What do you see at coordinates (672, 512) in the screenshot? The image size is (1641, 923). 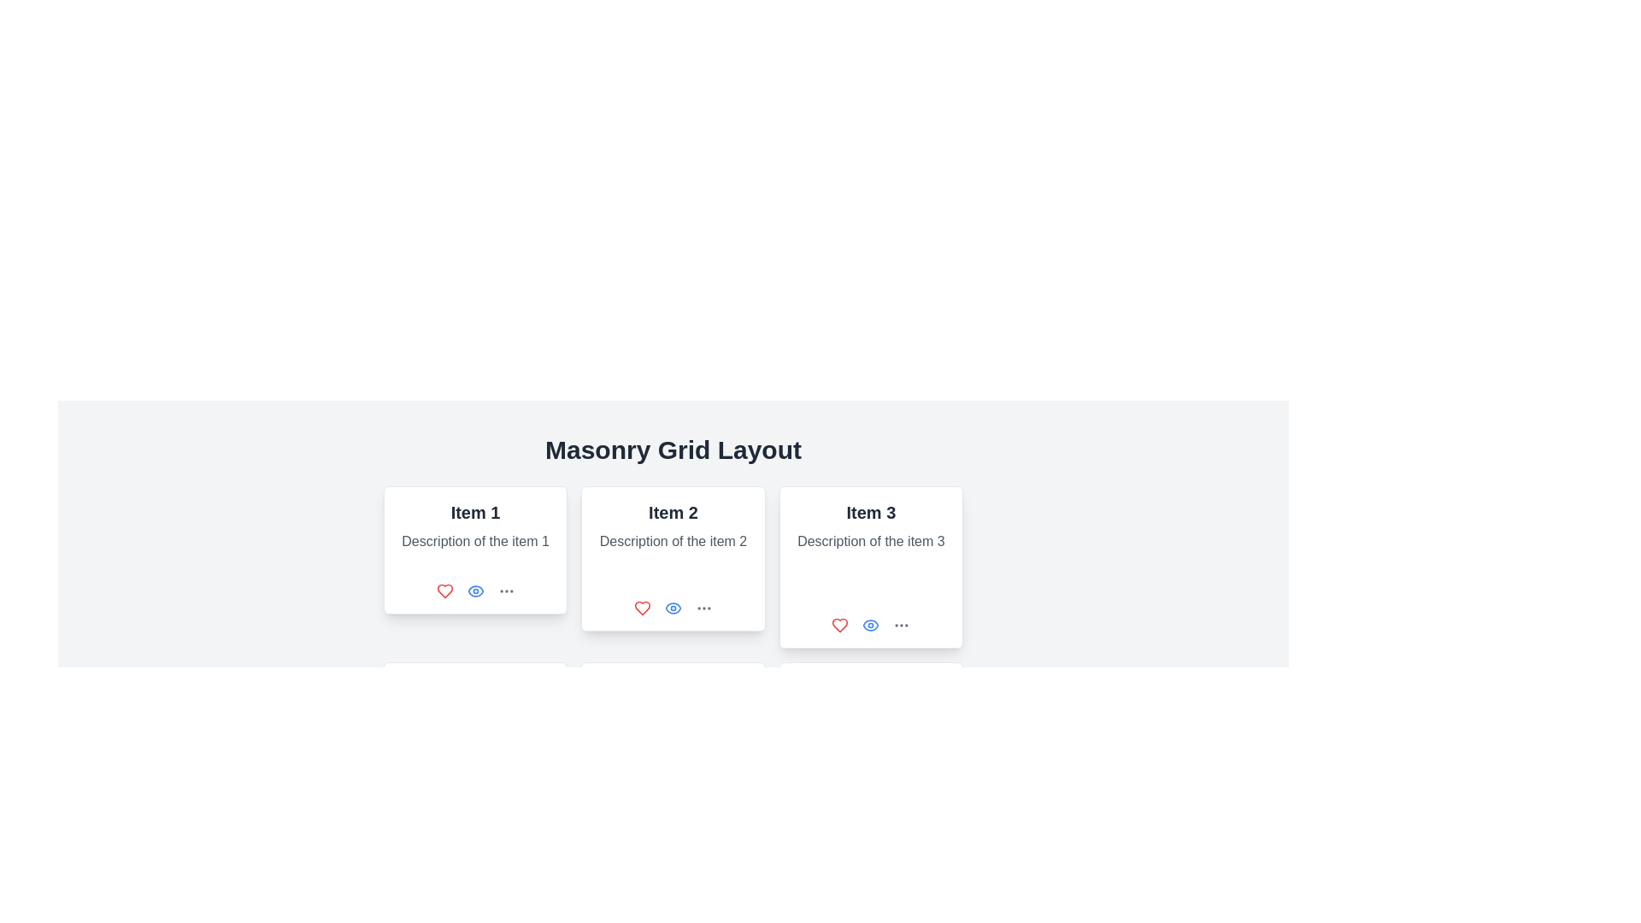 I see `the title text display for the second item in the masonry grid layout, which serves as an identifier for the content of that item` at bounding box center [672, 512].